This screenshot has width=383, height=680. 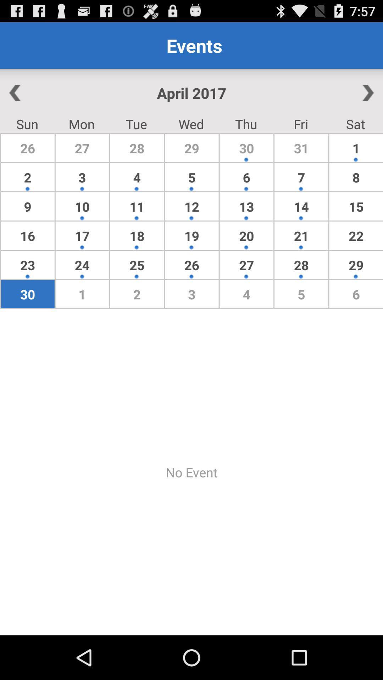 What do you see at coordinates (301, 236) in the screenshot?
I see `the item next to 15` at bounding box center [301, 236].